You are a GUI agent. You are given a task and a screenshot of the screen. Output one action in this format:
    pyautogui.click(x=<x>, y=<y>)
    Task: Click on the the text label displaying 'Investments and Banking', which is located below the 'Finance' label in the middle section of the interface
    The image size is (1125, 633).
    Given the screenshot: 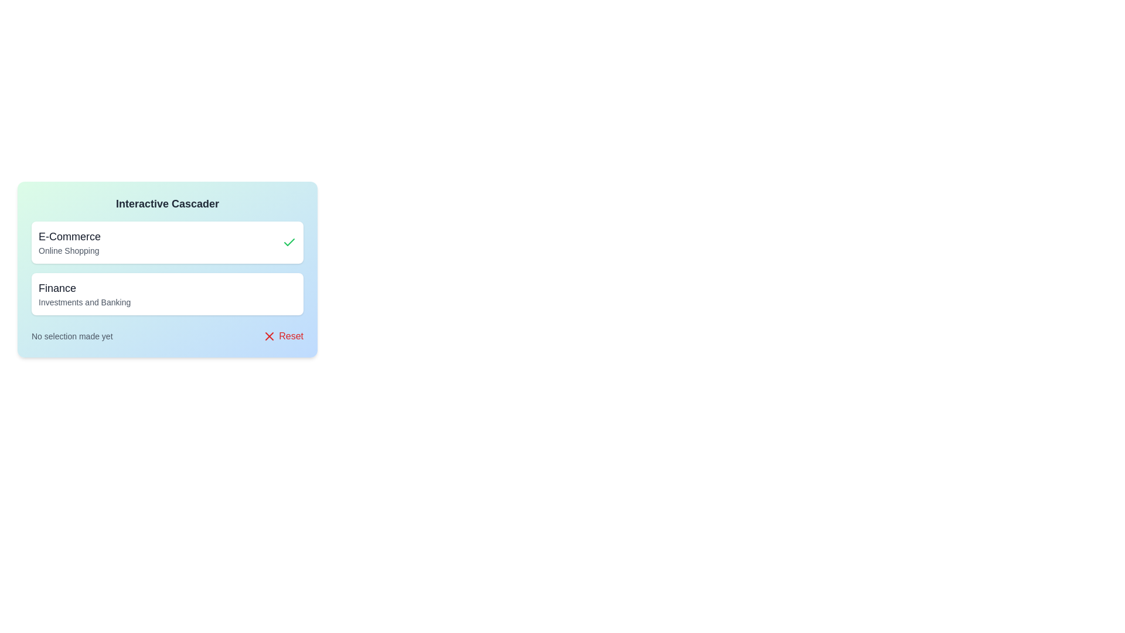 What is the action you would take?
    pyautogui.click(x=84, y=302)
    